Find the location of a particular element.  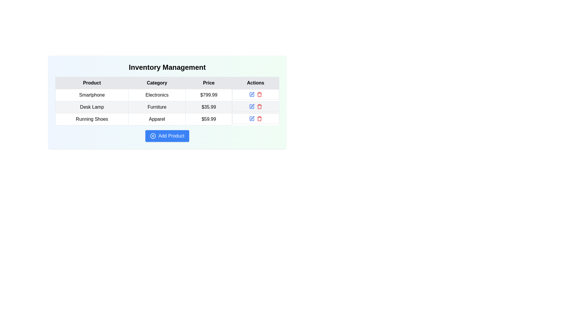

text content of the 'Electronics' label located in the second cell of the 'Category' column under the 'Smartphone' row is located at coordinates (157, 95).